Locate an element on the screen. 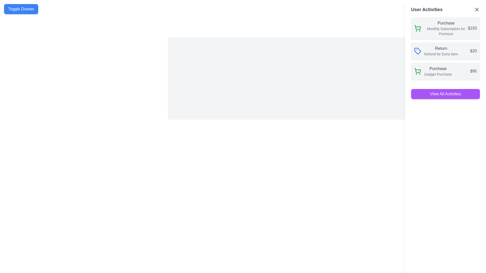 The height and width of the screenshot is (273, 486). the close button located in the top-right corner of the 'User Activities' section header is located at coordinates (476, 10).